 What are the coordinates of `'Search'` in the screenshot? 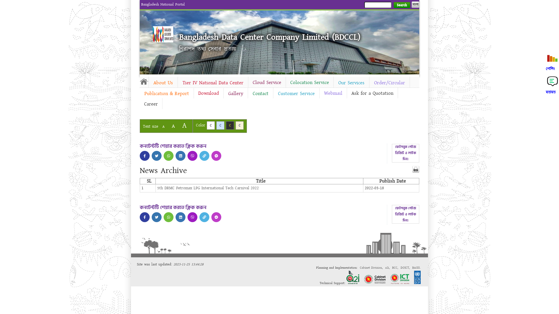 It's located at (401, 5).